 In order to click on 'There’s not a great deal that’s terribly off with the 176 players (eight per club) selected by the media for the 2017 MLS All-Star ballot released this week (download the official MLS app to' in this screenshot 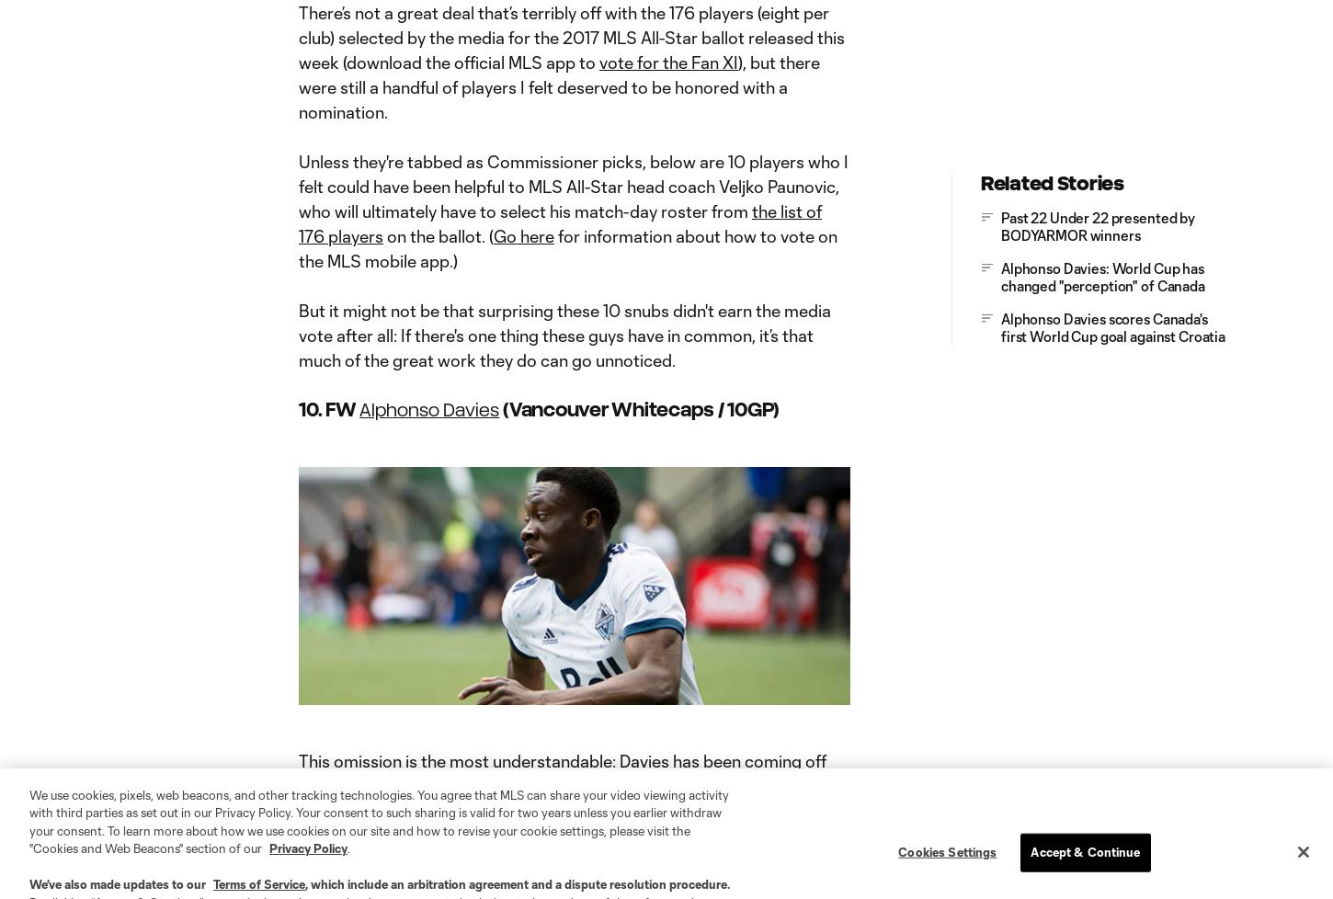, I will do `click(298, 37)`.